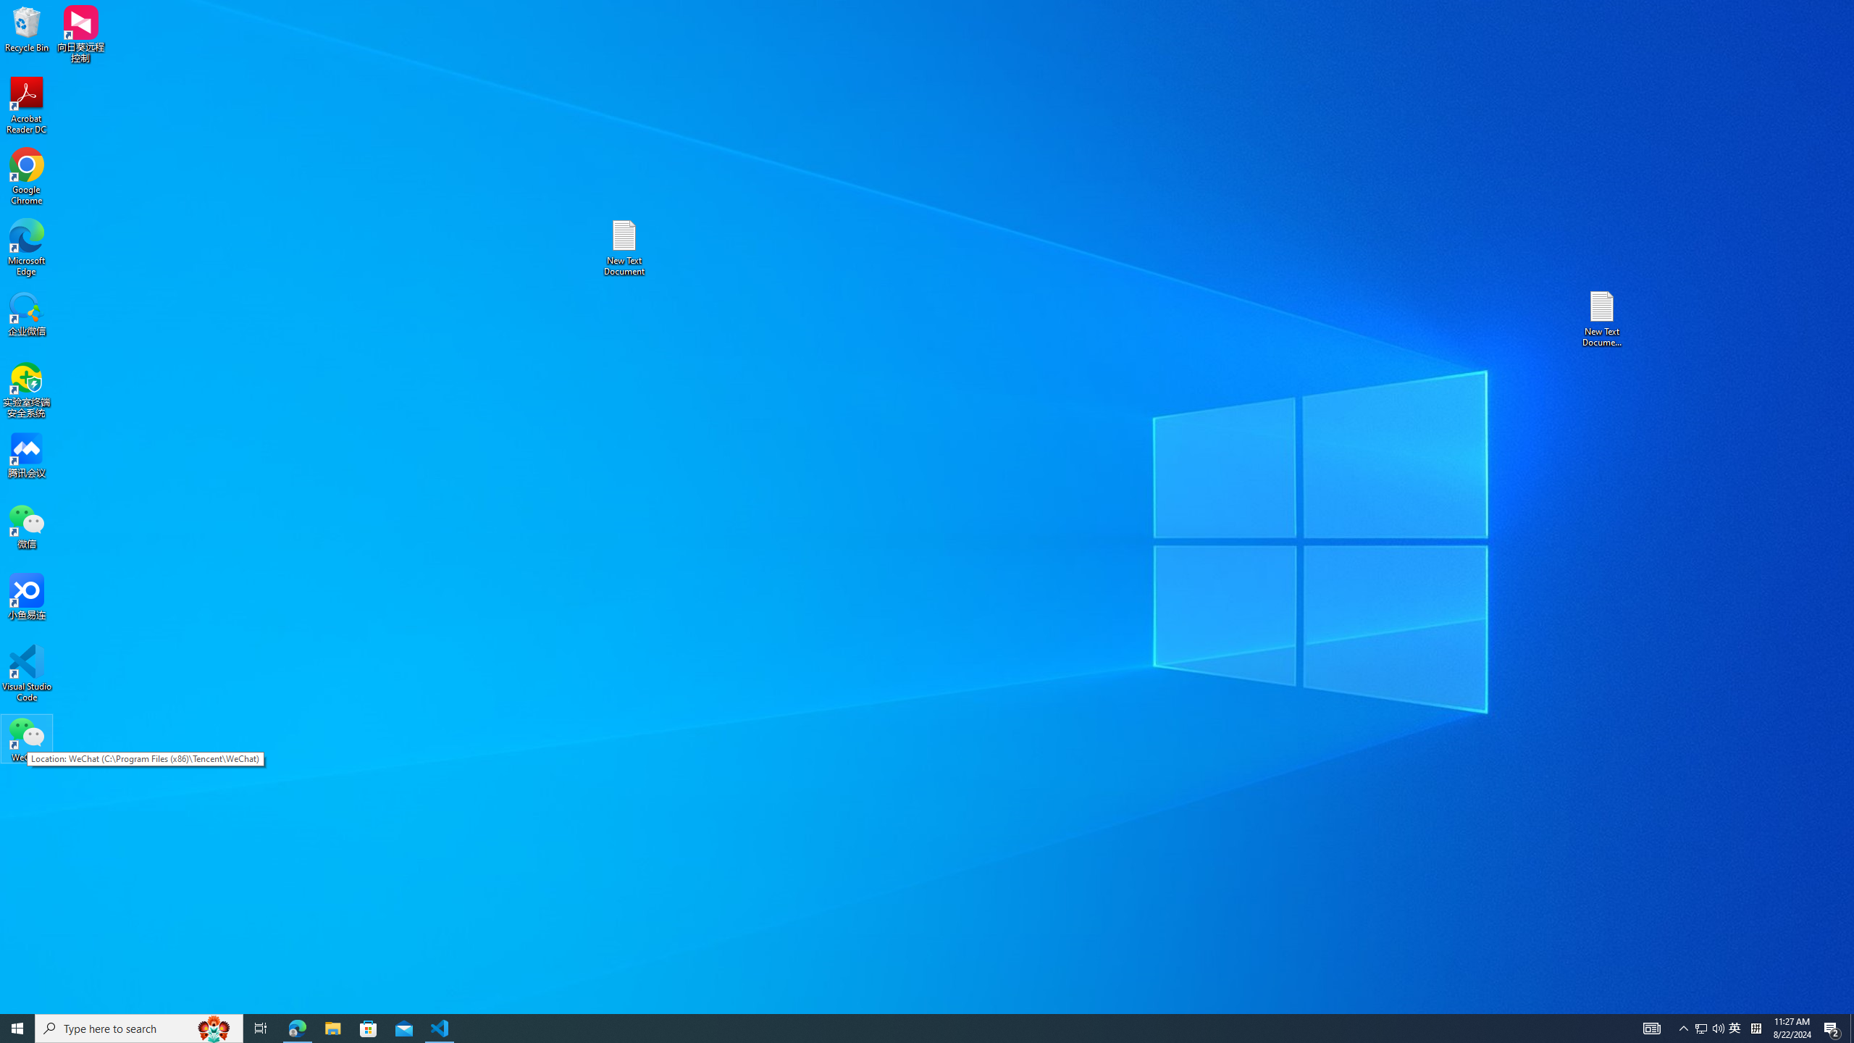 The height and width of the screenshot is (1043, 1854). Describe the element at coordinates (259, 1027) in the screenshot. I see `'Task View'` at that location.